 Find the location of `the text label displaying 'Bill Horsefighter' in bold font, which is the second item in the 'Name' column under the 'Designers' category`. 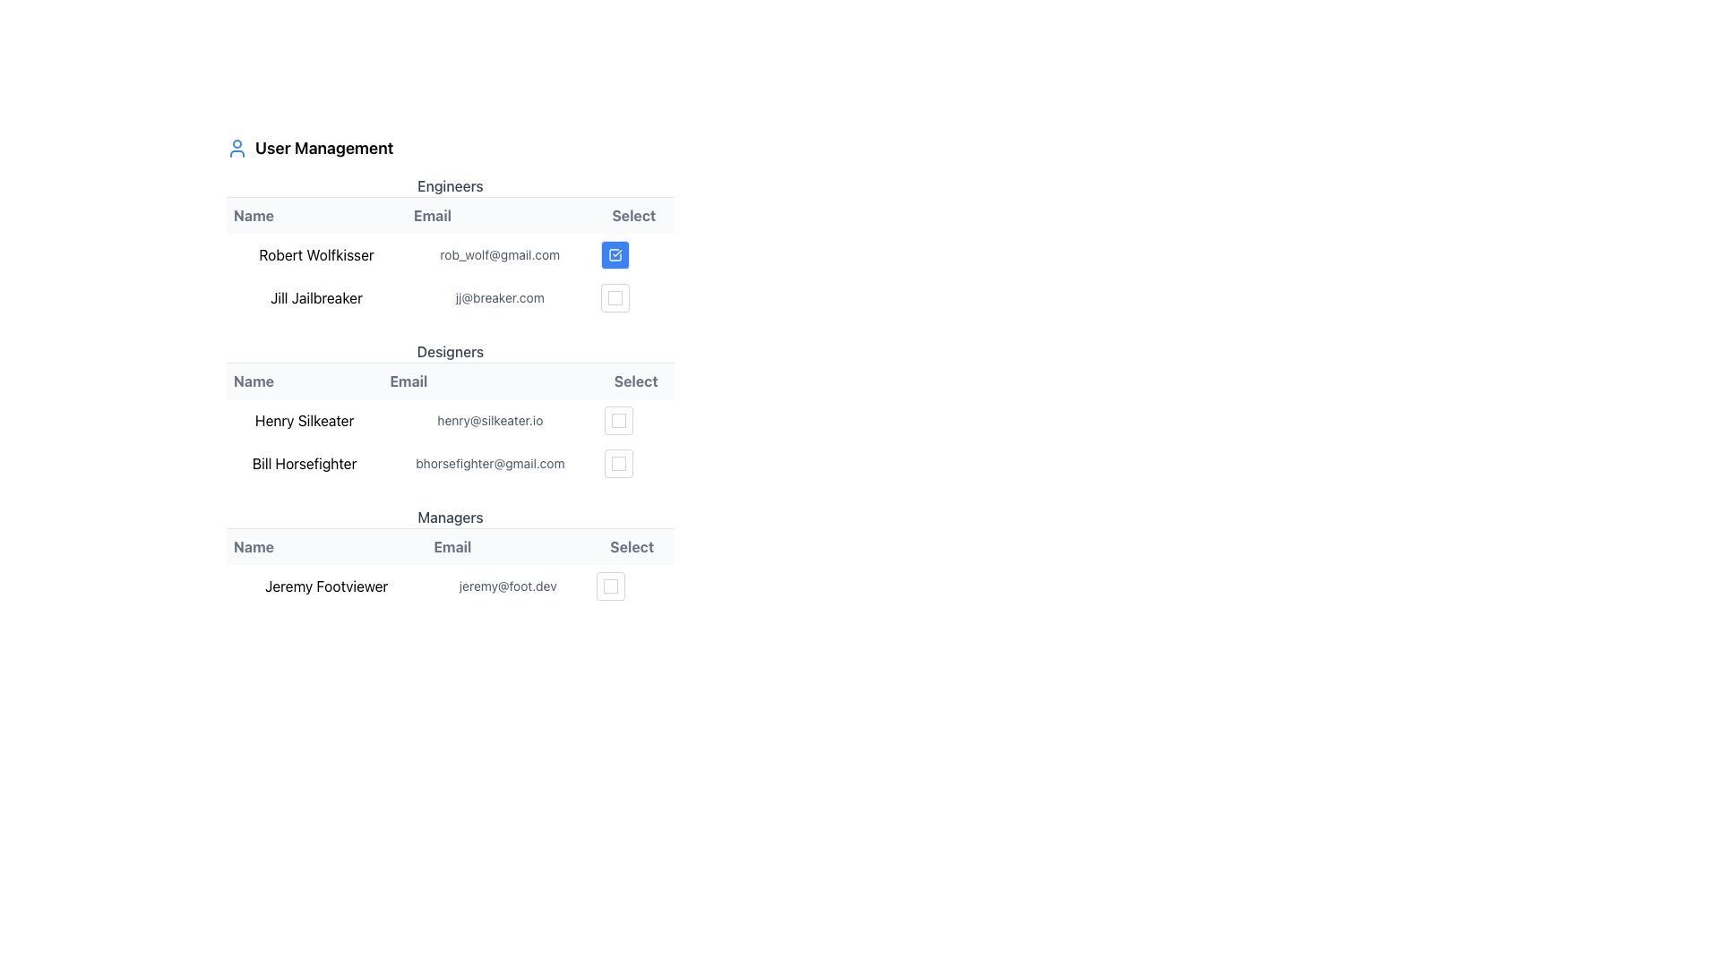

the text label displaying 'Bill Horsefighter' in bold font, which is the second item in the 'Name' column under the 'Designers' category is located at coordinates (305, 462).